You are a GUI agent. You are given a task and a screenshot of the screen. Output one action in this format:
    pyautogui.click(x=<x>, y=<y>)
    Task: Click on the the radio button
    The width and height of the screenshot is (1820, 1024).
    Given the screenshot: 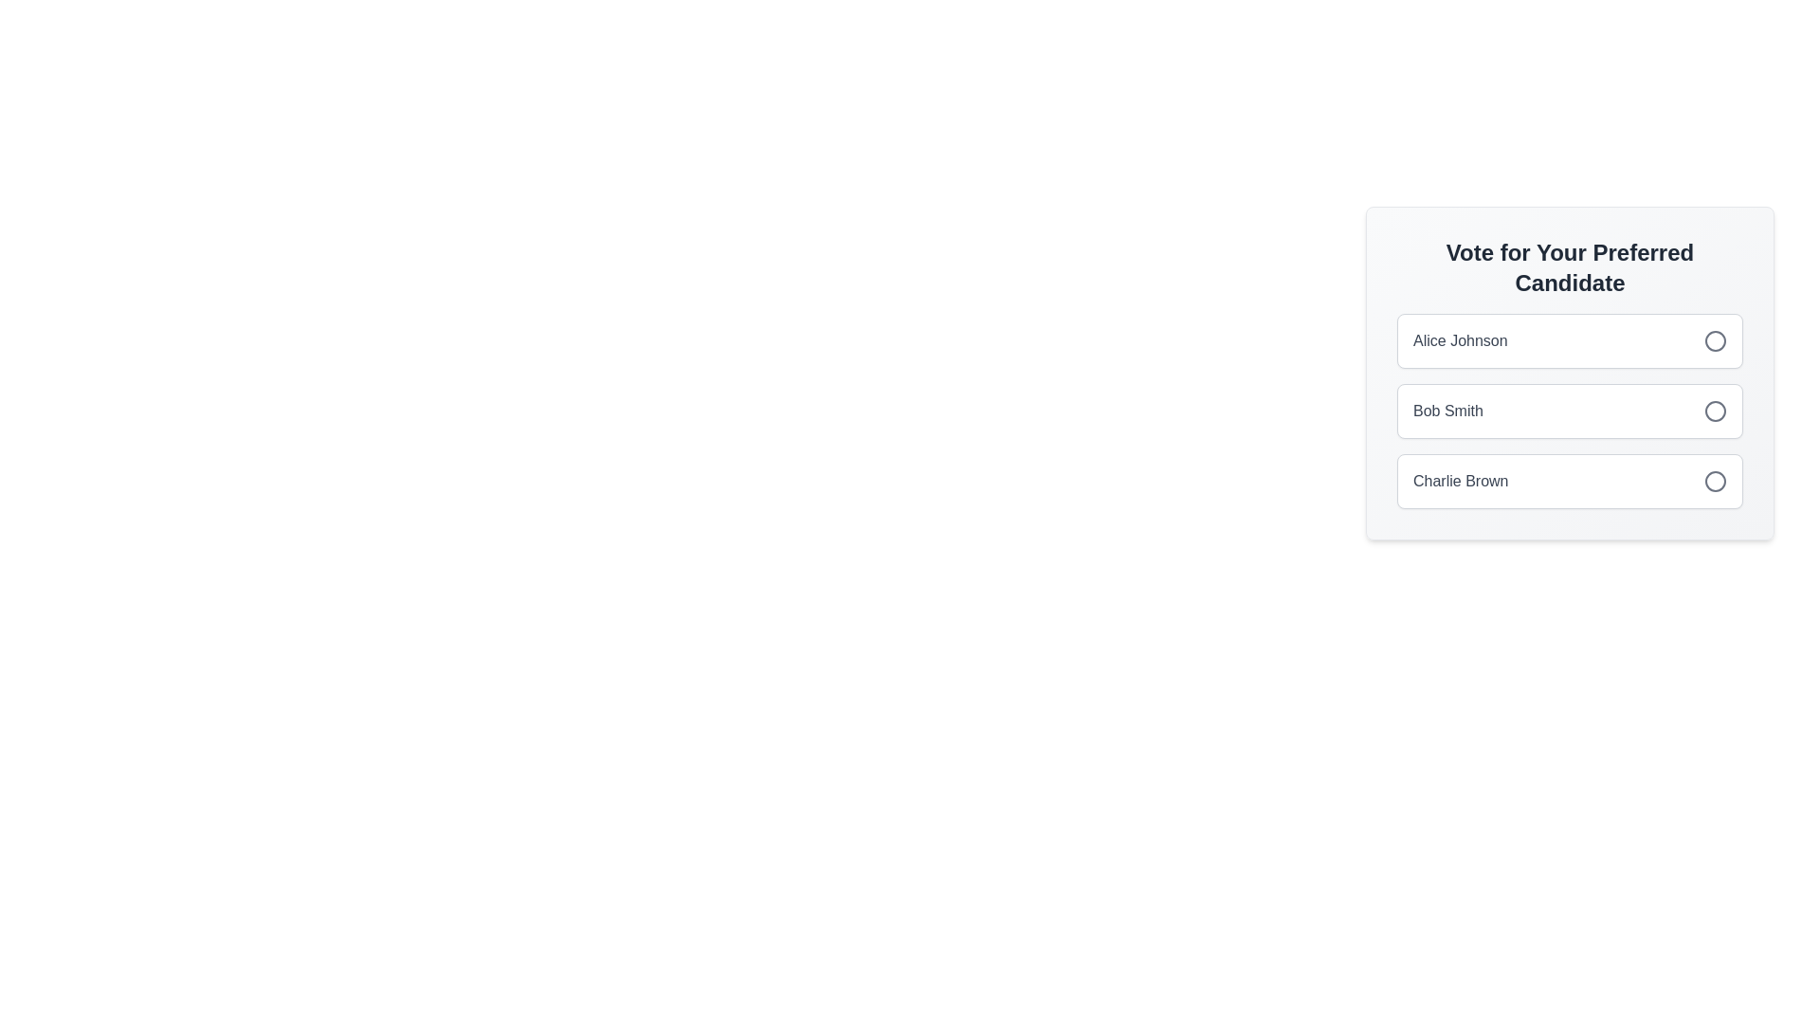 What is the action you would take?
    pyautogui.click(x=1570, y=339)
    